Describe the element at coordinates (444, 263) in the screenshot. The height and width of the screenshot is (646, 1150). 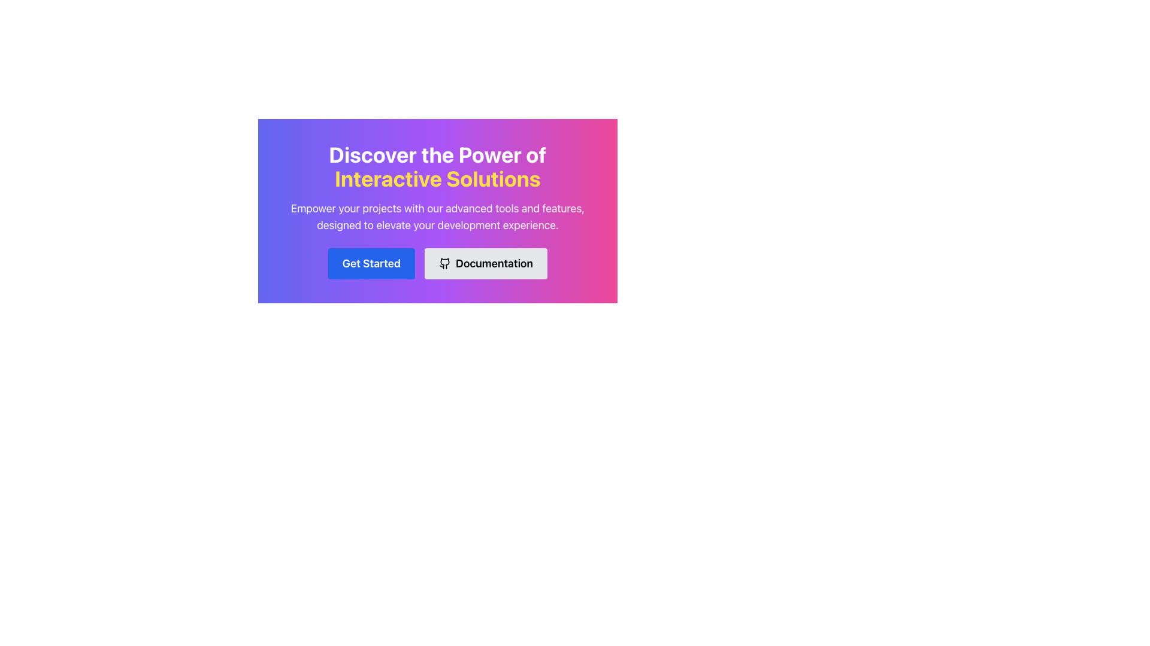
I see `the GitHub icon positioned near the left edge of the Documentation button, which provides access to GitHub-related content` at that location.